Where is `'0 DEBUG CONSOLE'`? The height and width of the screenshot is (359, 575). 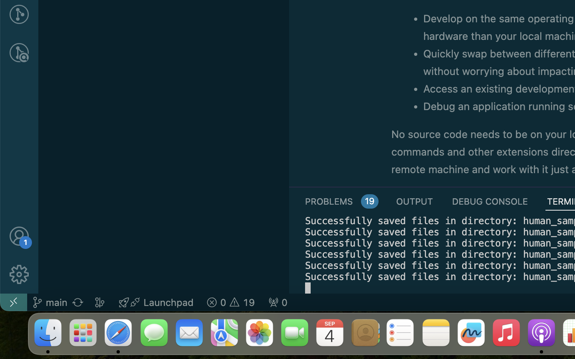
'0 DEBUG CONSOLE' is located at coordinates (490, 201).